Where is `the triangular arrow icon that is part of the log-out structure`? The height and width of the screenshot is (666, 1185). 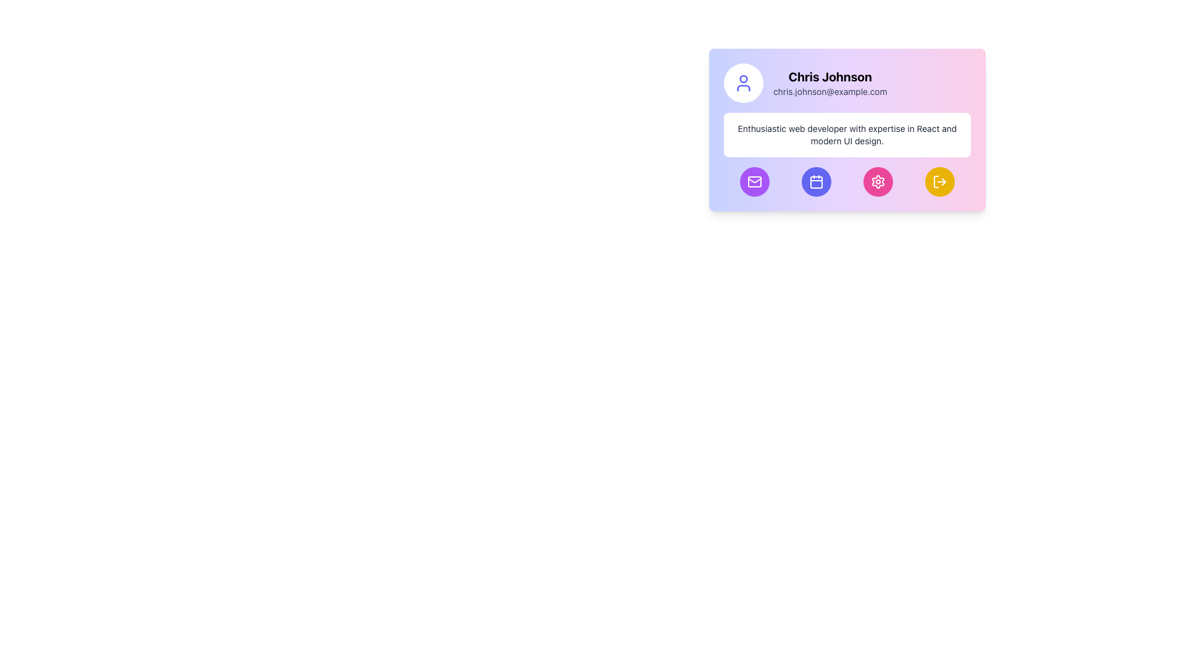 the triangular arrow icon that is part of the log-out structure is located at coordinates (943, 181).